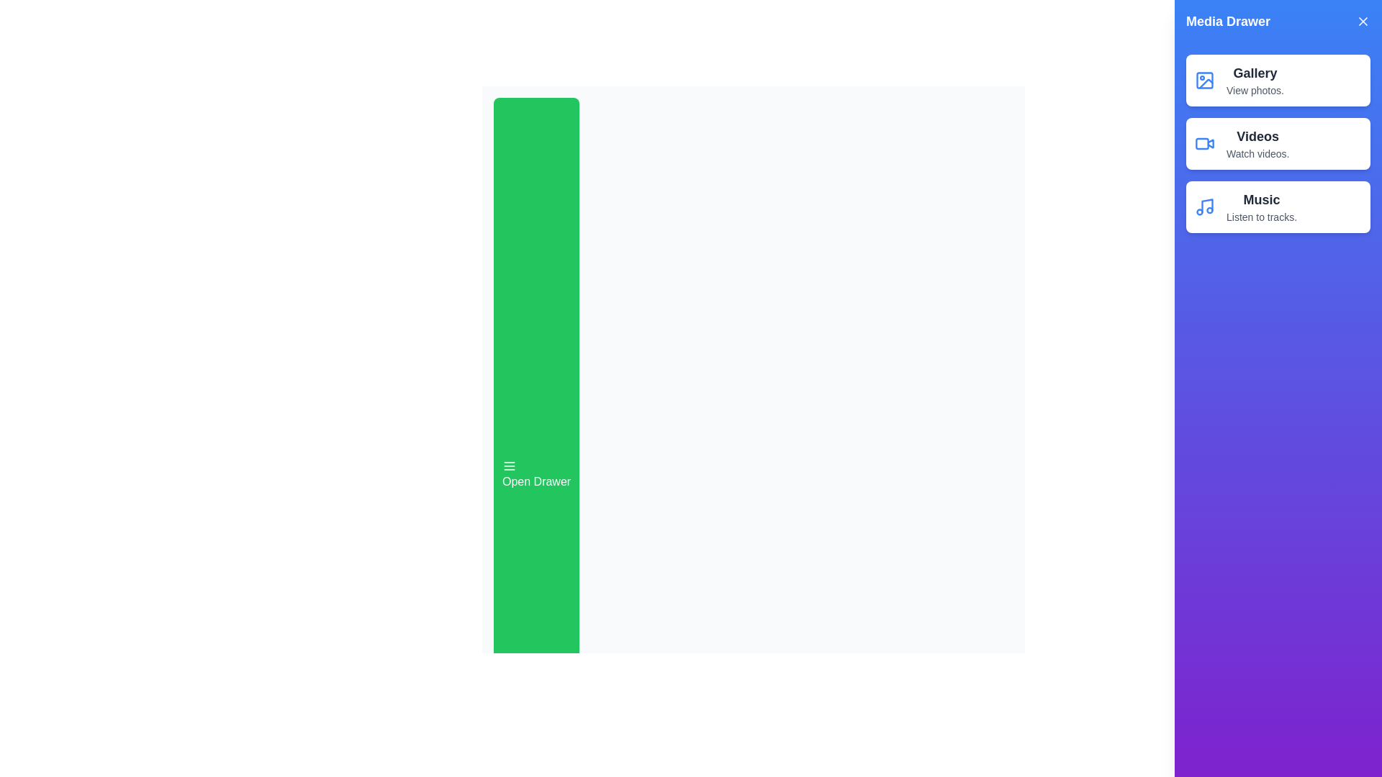  I want to click on 'Open Drawer' button to toggle the drawer visibility, so click(535, 474).